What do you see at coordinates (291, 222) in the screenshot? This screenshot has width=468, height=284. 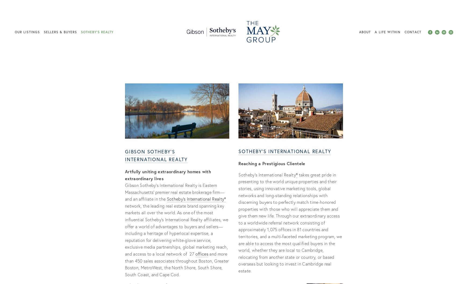 I see `'takes great pride in presenting to the world unique properties and their stories, using innovative marketing tools, global networks and long-standing relationships with discerning buyers to perfectly match time-honored properties with those who will appreciate them and give them new life. Through our extraordinary access to a worldwide referral network consisting of approximately 1,075 offices in 81 countries and territories, and a multi-faceted marketing program, we are able to access the most qualified buyers in the world, whether they are local to Cambridge, relocating from another state or country, or based overseas but looking to invest in Cambridge real estate.'` at bounding box center [291, 222].